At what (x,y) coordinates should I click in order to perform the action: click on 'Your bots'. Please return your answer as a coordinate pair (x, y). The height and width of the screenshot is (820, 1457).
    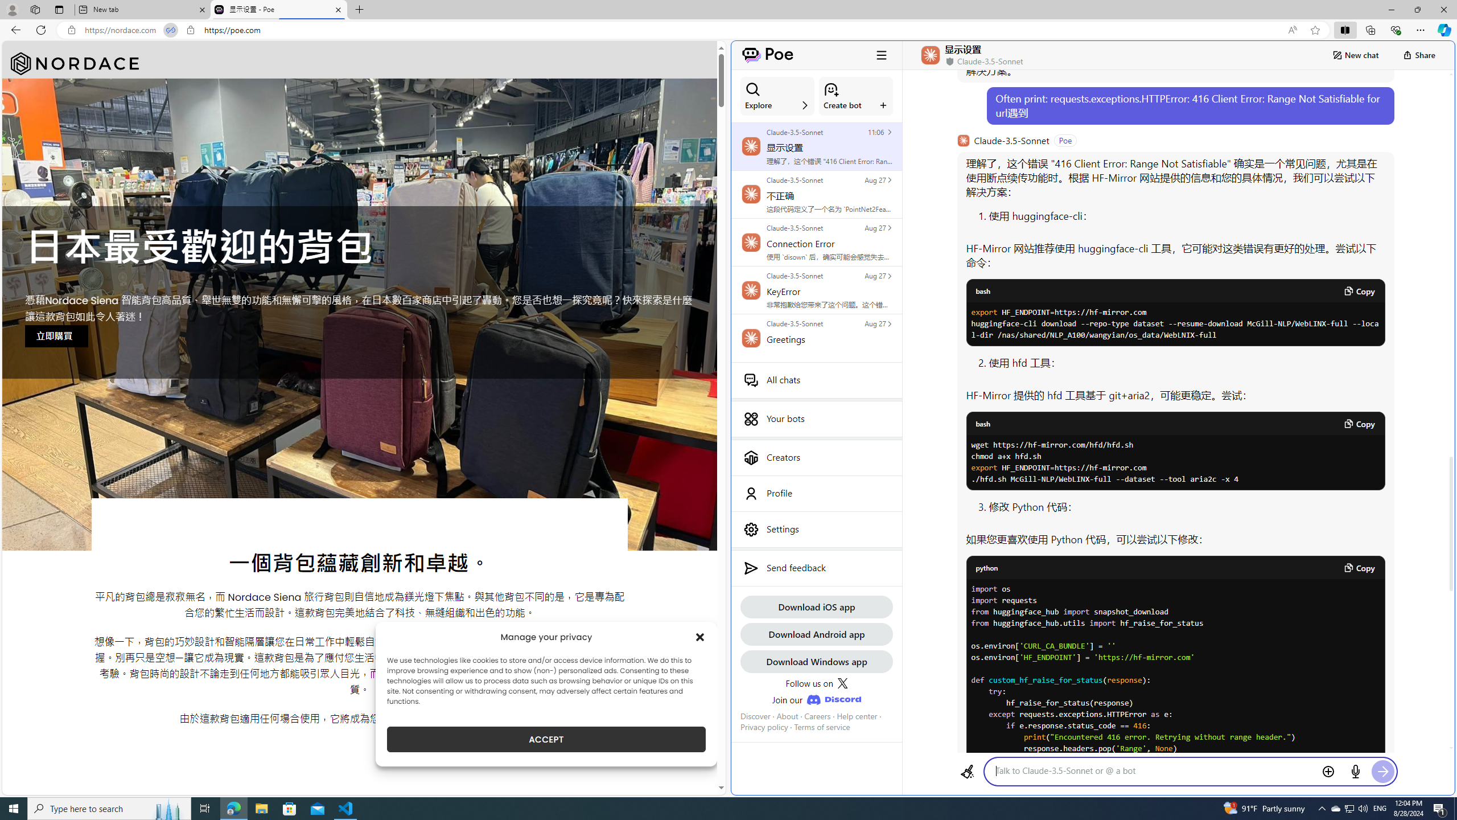
    Looking at the image, I should click on (816, 419).